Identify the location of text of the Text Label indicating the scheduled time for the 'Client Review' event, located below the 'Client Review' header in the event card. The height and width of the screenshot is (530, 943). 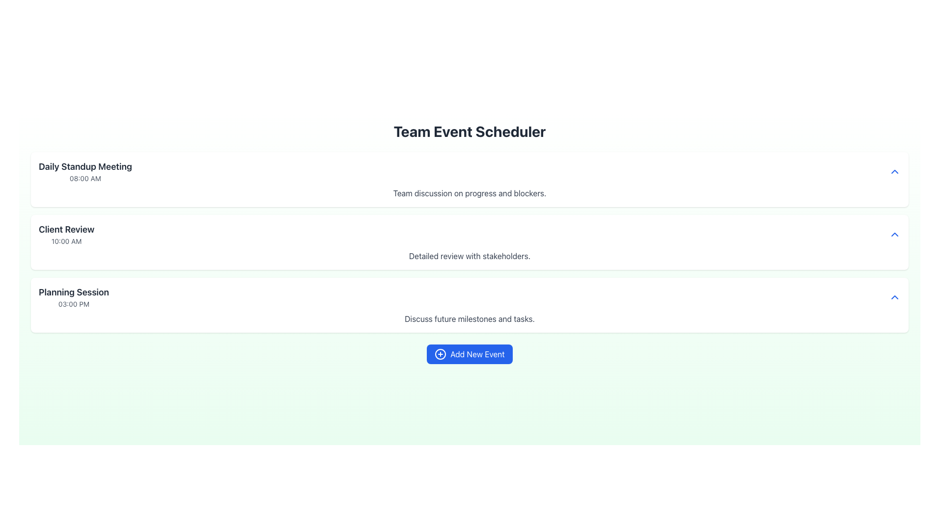
(66, 241).